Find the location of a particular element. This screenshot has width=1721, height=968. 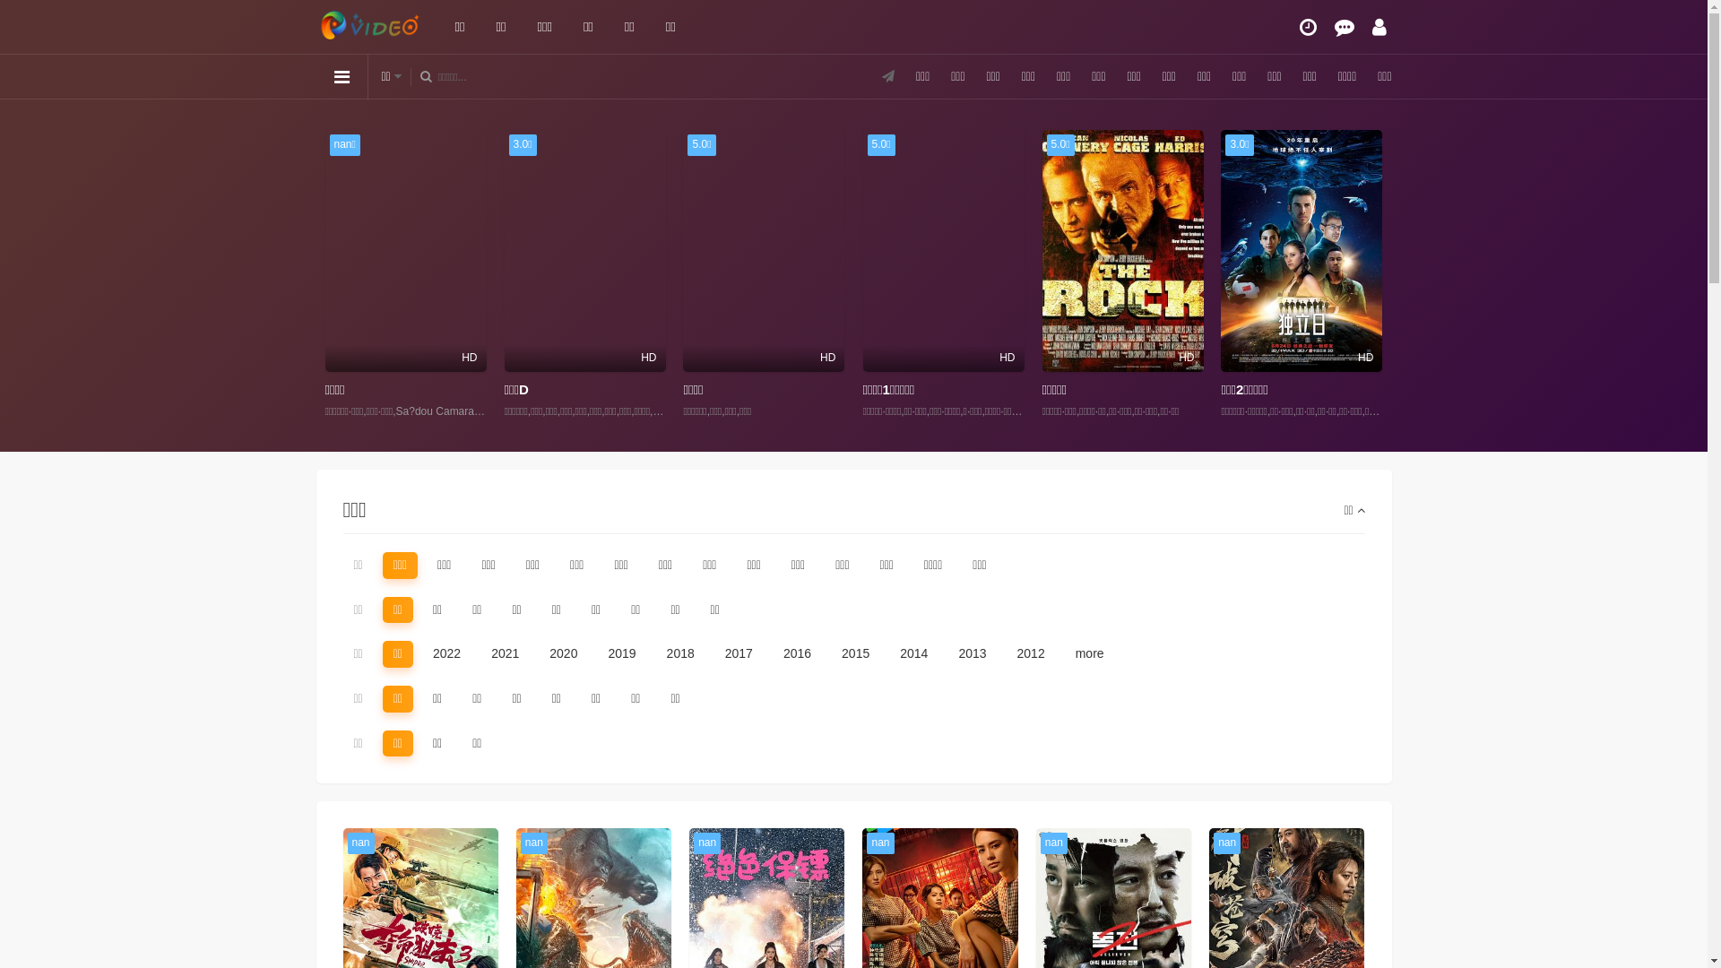

'2020' is located at coordinates (537, 653).